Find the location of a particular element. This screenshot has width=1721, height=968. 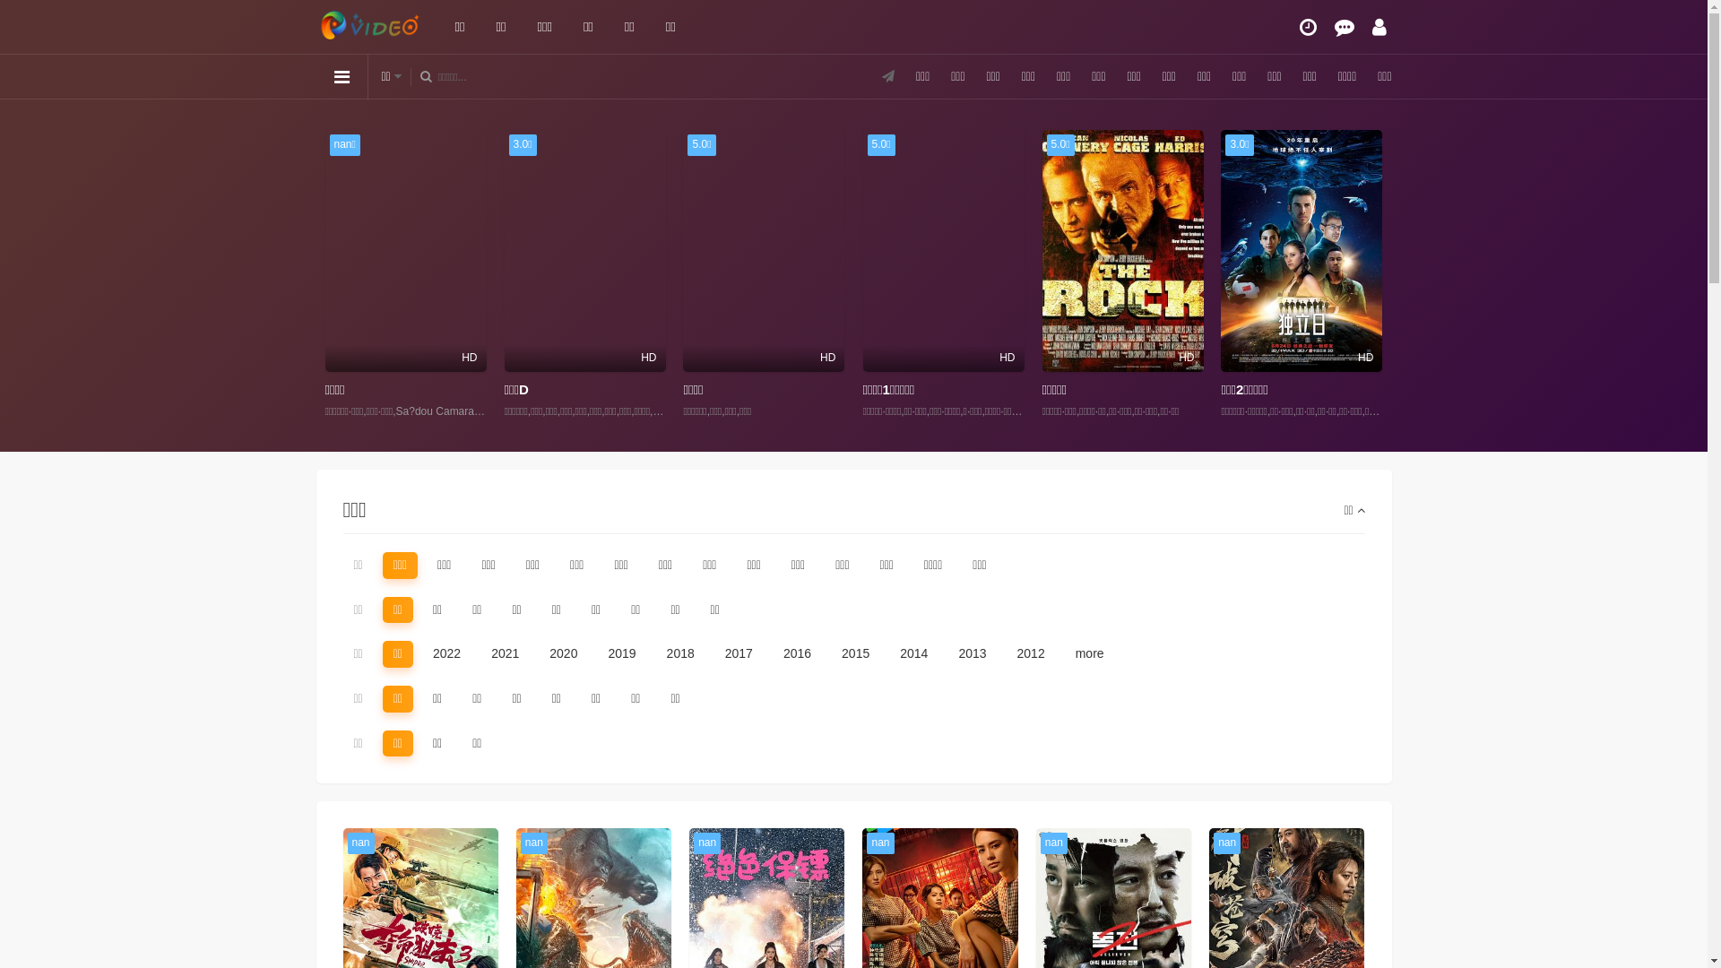

'2020' is located at coordinates (537, 653).